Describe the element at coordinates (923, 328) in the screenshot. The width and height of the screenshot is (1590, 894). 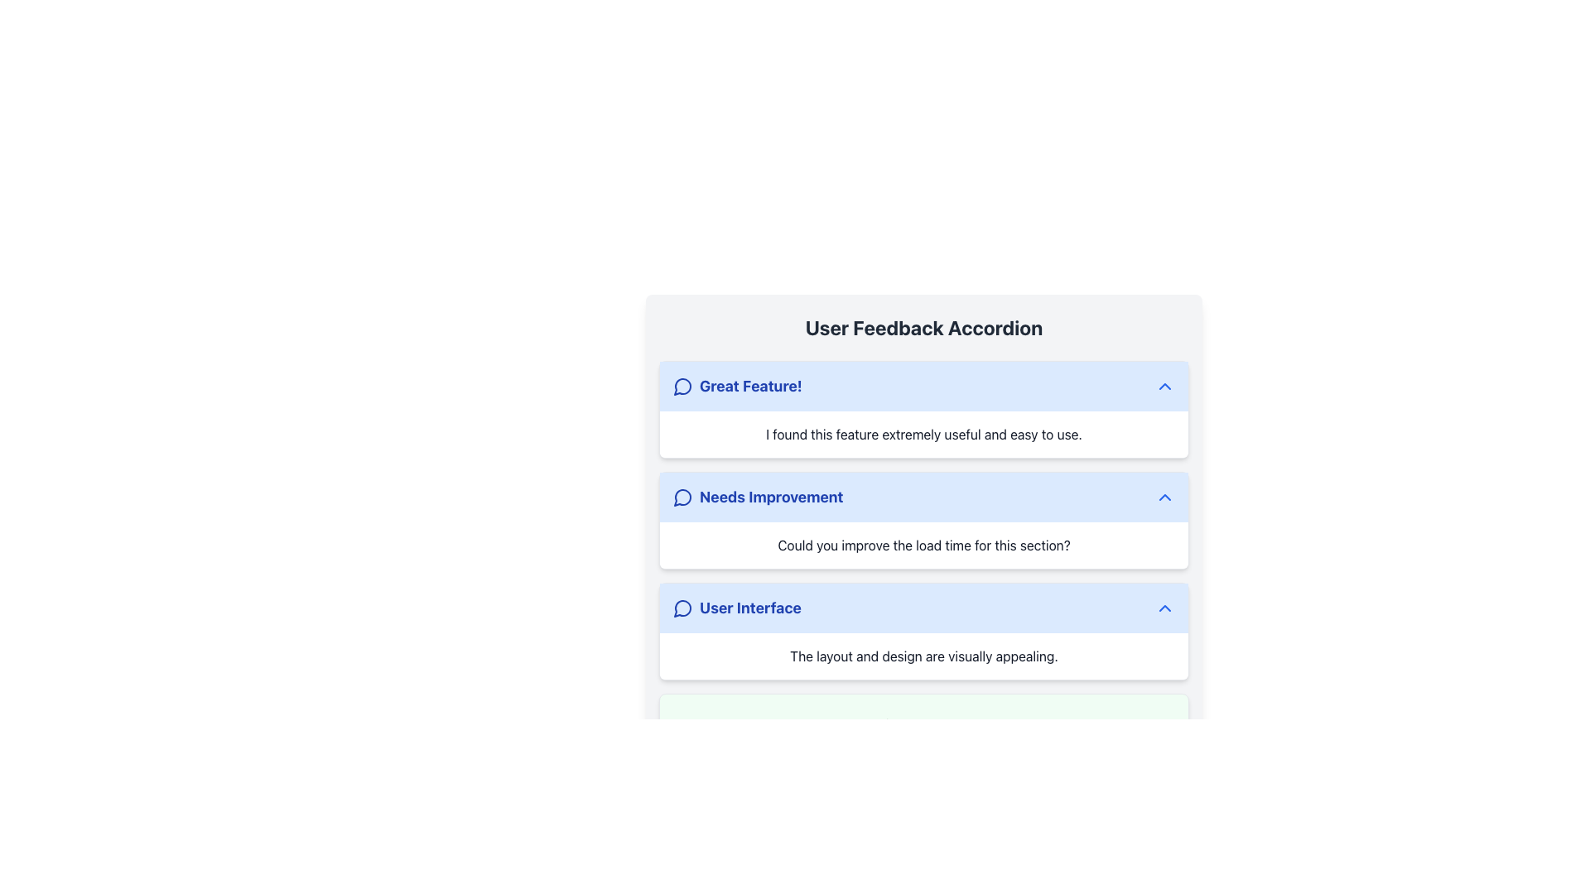
I see `static text label displaying 'User Feedback Accordion' which is prominently positioned at the top of the user feedback section` at that location.